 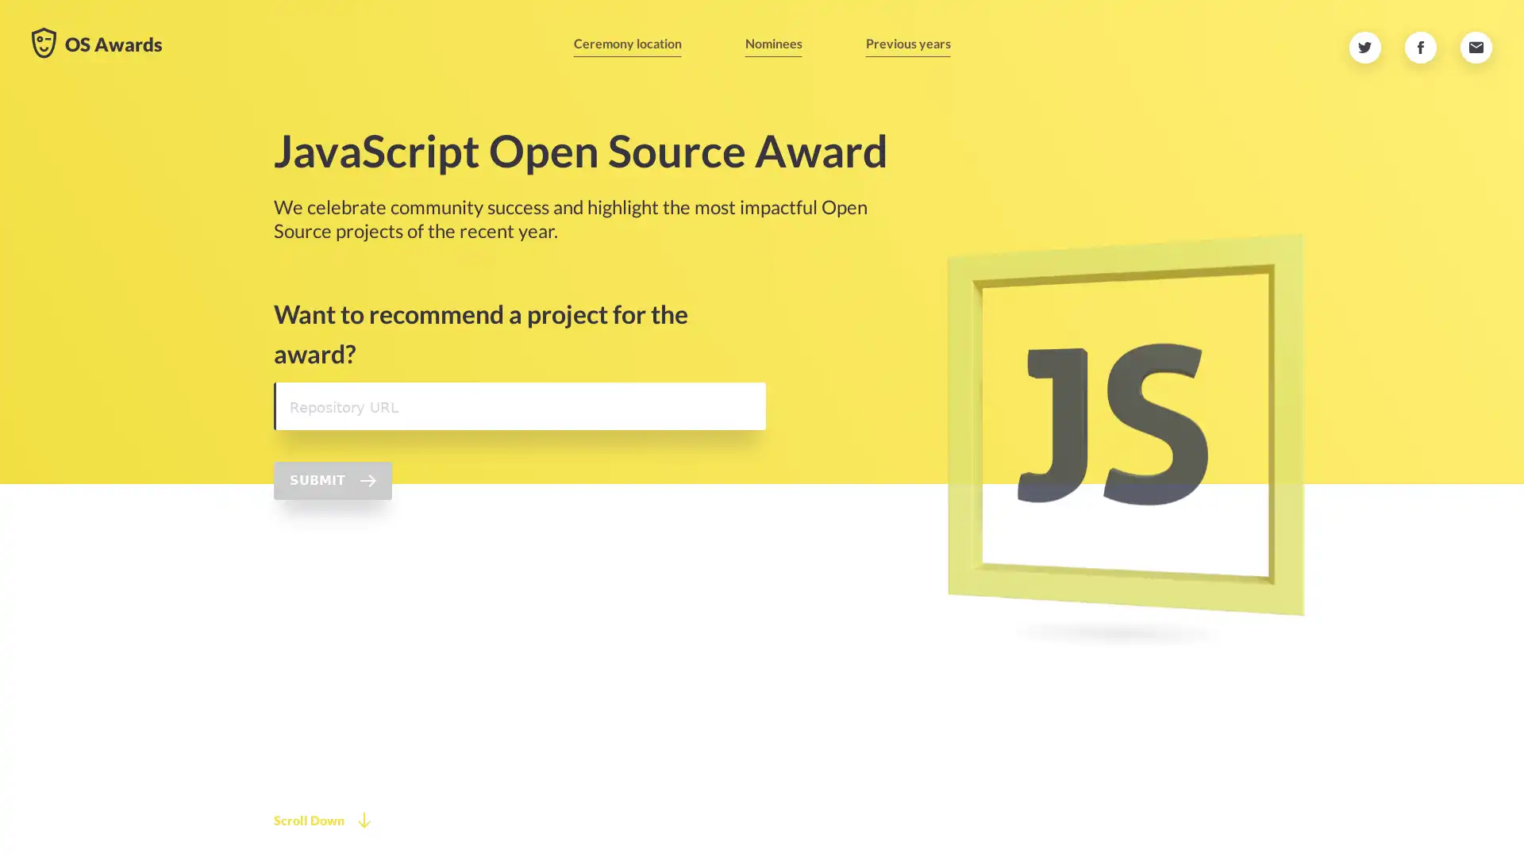 I want to click on SUBMIT, so click(x=332, y=569).